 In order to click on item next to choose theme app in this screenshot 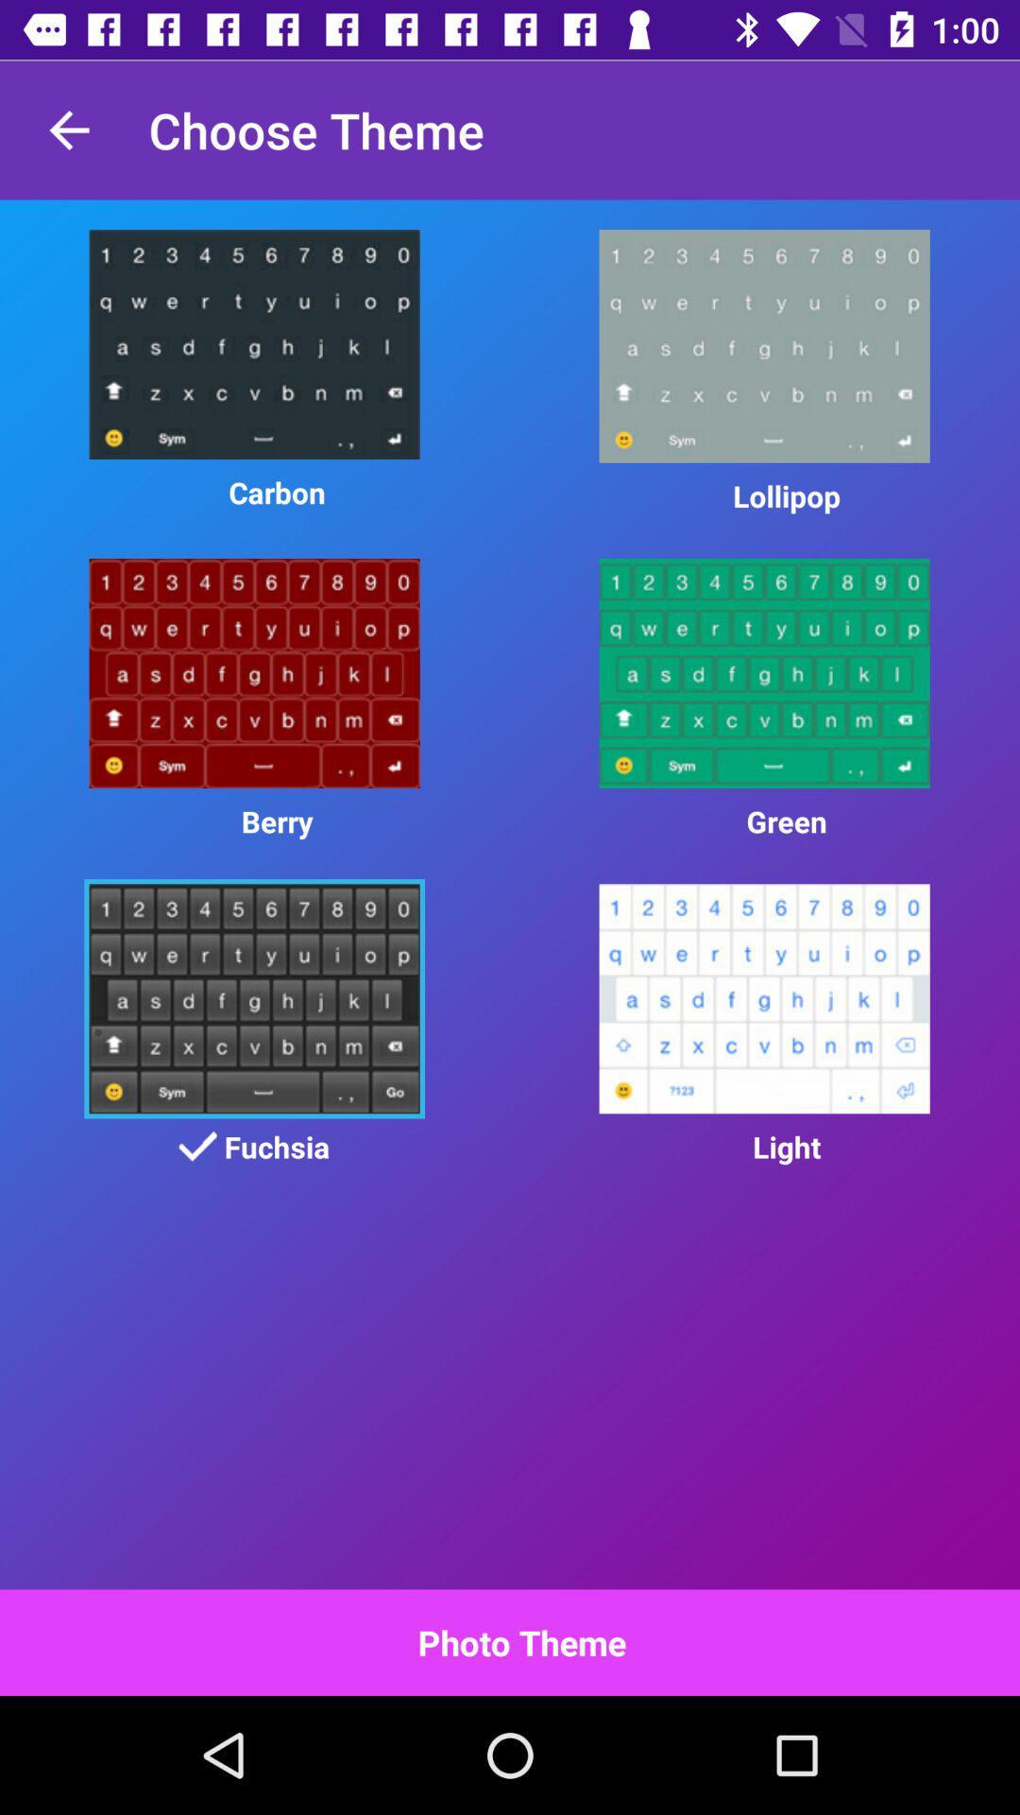, I will do `click(68, 130)`.